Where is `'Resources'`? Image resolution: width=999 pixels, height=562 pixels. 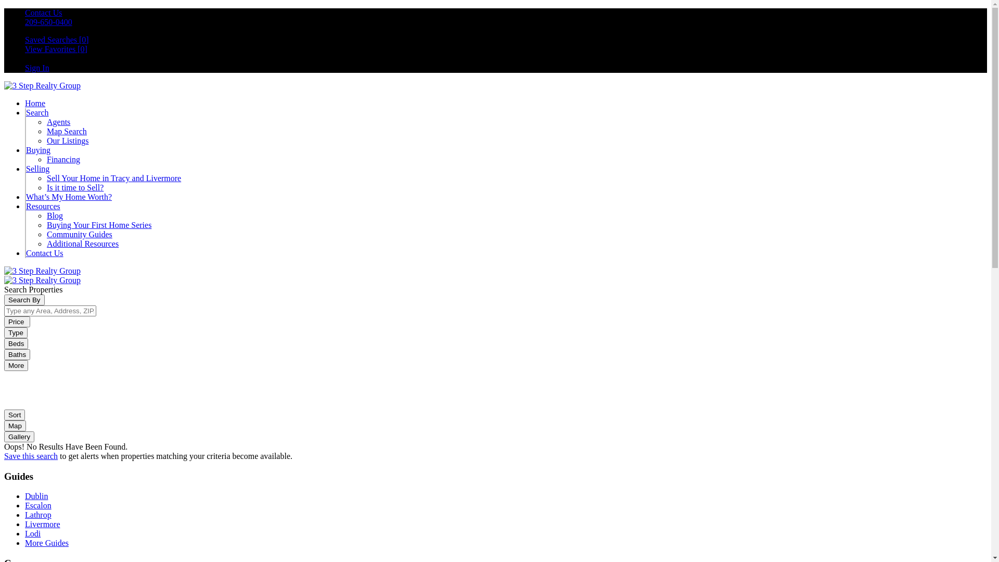 'Resources' is located at coordinates (42, 206).